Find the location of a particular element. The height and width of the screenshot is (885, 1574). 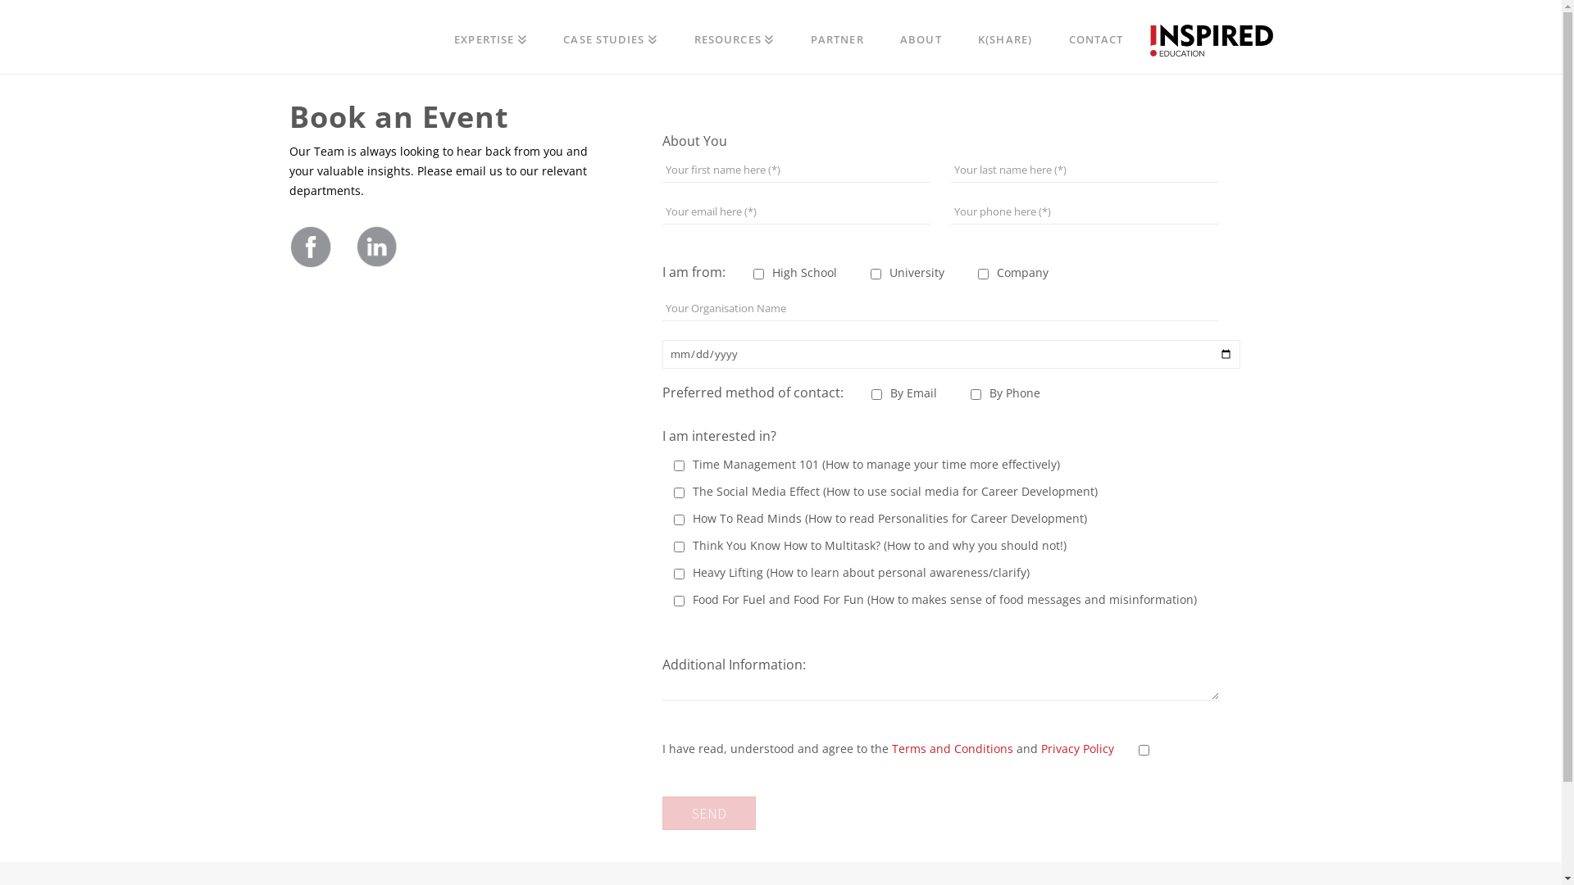

'CASE STUDIES' is located at coordinates (545, 37).